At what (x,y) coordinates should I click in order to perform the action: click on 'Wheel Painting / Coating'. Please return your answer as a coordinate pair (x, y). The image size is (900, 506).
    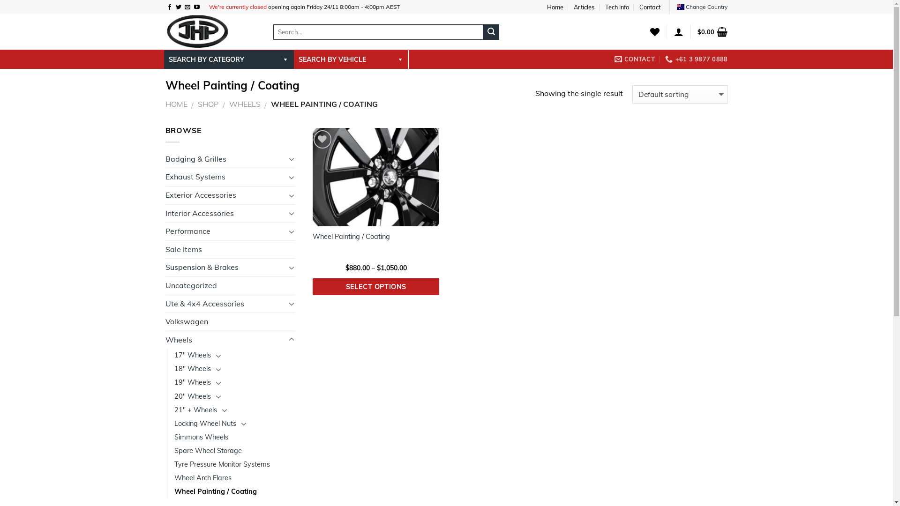
    Looking at the image, I should click on (351, 236).